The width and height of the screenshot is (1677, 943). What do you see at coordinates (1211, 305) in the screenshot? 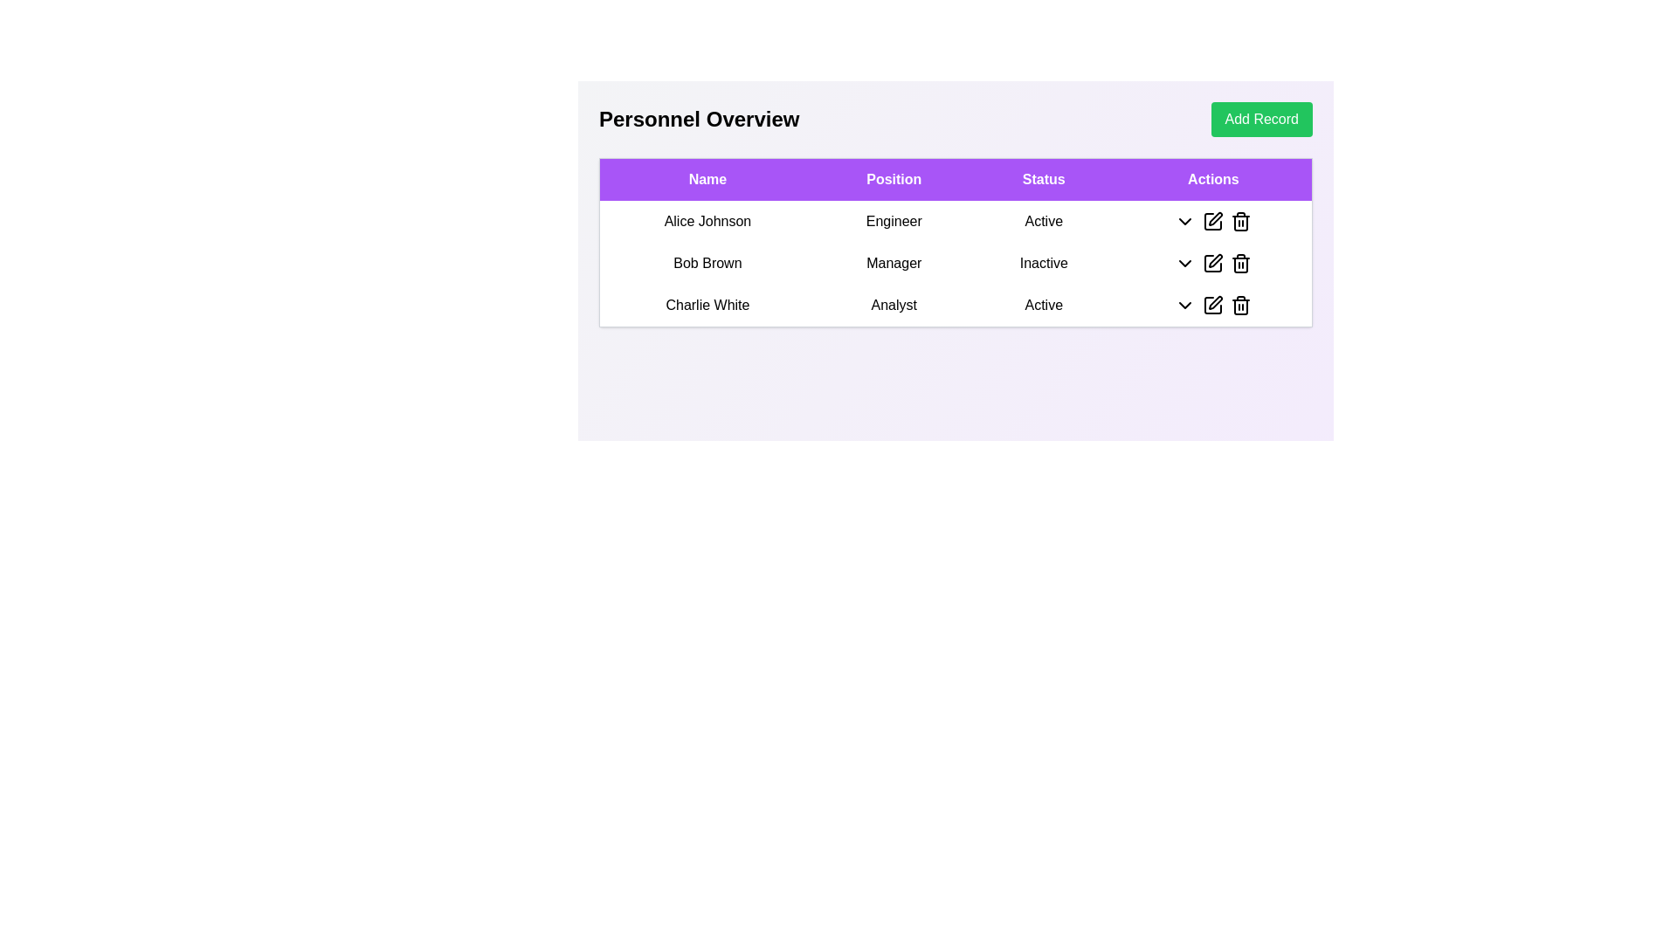
I see `the pencil icon in the Action Button Group for 'Charlie White'` at bounding box center [1211, 305].